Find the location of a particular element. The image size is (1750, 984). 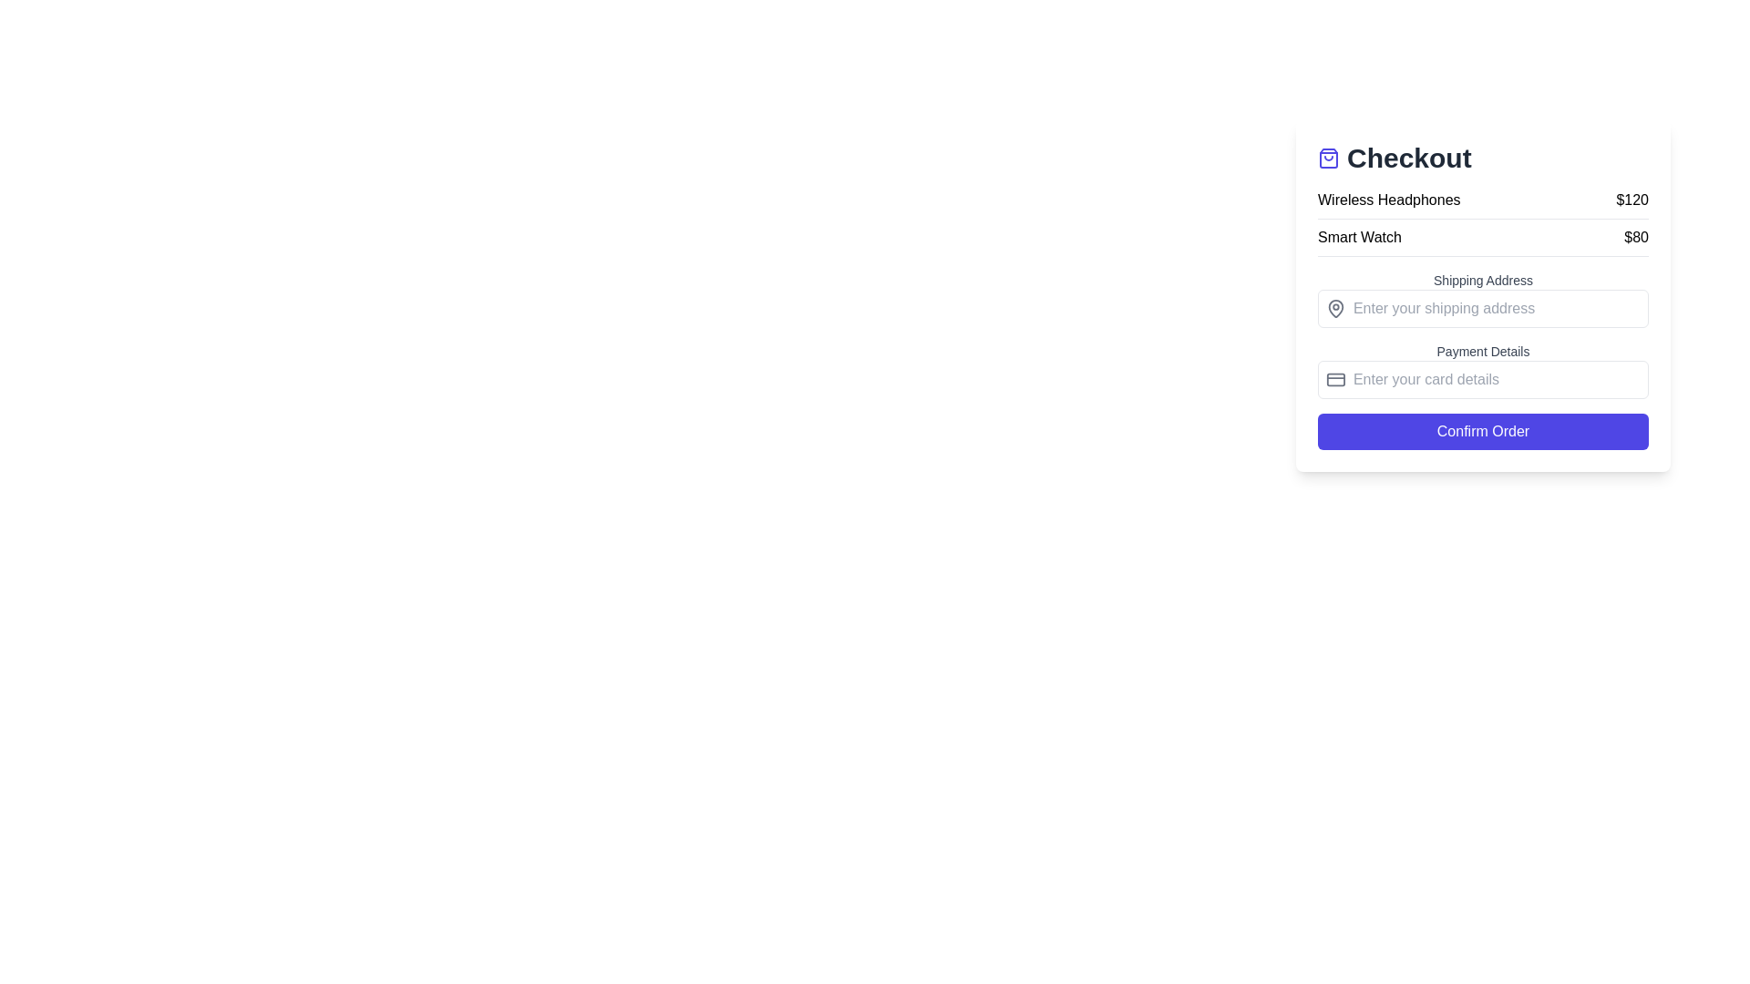

the 'Wireless Headphones' label, which is positioned at the top of the item list in the checkout interface, aligned horizontally with the price tag '$120' and vertically above the 'Smart Watch' label is located at coordinates (1388, 200).